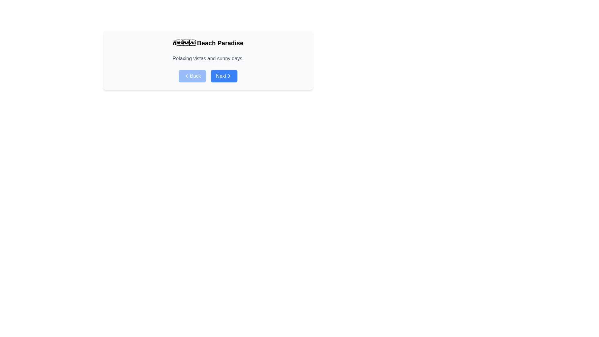 This screenshot has width=599, height=337. I want to click on the chevron icon located to the right of the 'Next' button, so click(229, 76).